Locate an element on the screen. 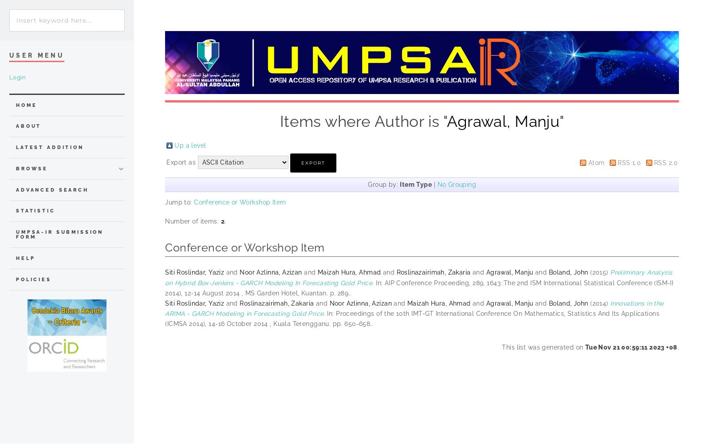 The width and height of the screenshot is (710, 444). 'RSS 2.0' is located at coordinates (666, 161).